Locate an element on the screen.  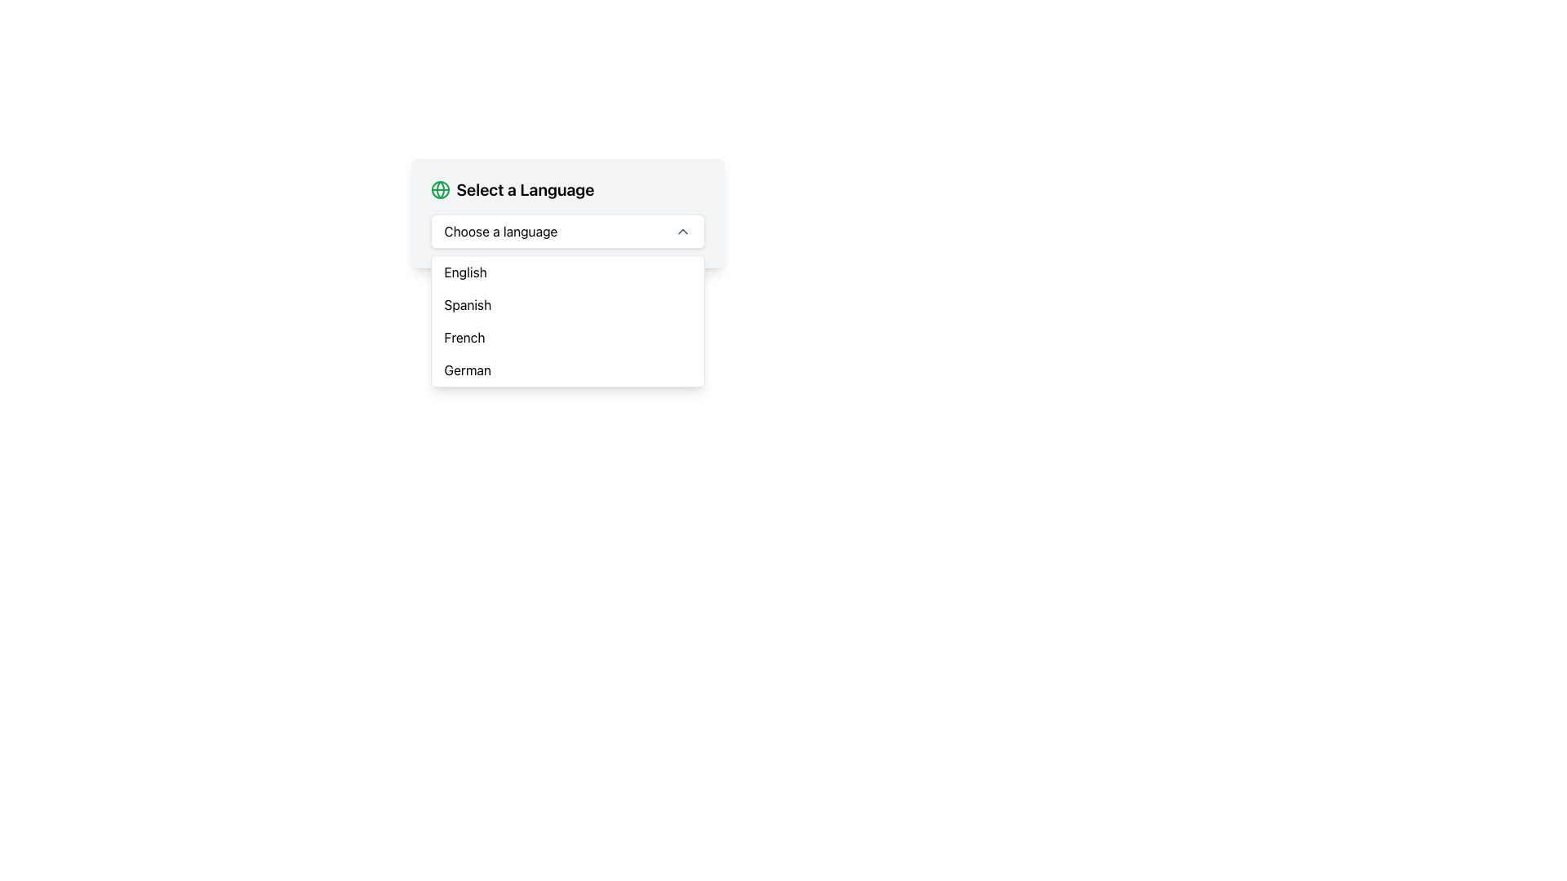
the 'French' language option in the dropdown menu to provide visual feedback is located at coordinates (567, 336).